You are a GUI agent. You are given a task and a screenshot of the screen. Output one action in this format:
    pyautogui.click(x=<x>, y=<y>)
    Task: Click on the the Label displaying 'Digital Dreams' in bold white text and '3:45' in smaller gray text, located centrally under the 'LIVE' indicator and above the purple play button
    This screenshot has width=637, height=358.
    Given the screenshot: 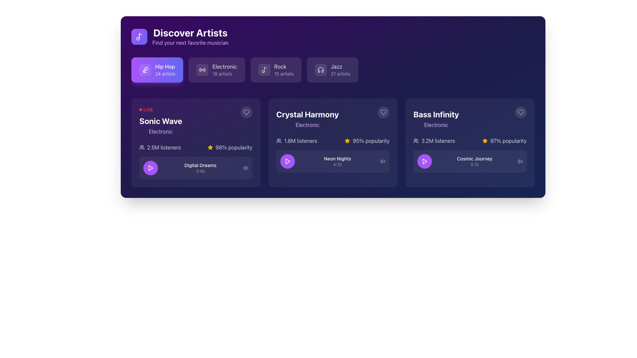 What is the action you would take?
    pyautogui.click(x=200, y=167)
    